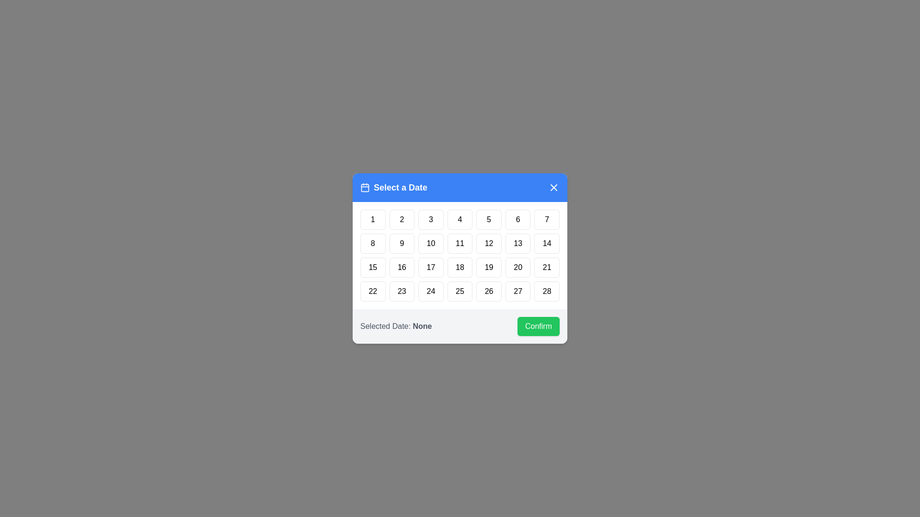 The width and height of the screenshot is (920, 517). I want to click on the button representing the day 24 to select that date, so click(430, 291).